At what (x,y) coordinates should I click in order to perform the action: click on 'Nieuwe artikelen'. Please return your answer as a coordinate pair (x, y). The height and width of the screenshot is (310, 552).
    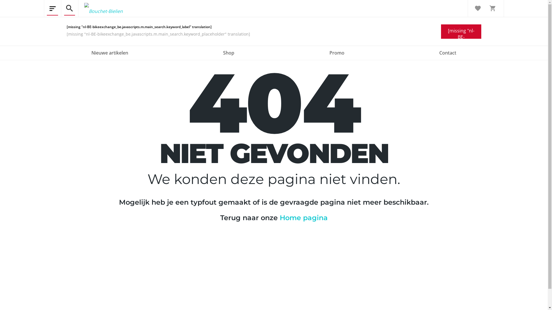
    Looking at the image, I should click on (110, 53).